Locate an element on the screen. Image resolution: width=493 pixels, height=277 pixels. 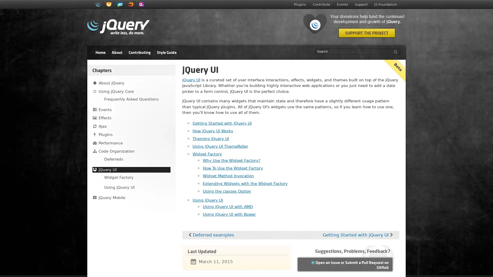
search is located at coordinates (394, 52).